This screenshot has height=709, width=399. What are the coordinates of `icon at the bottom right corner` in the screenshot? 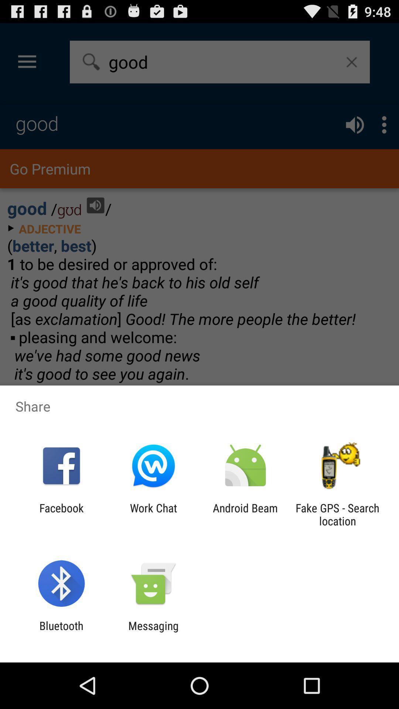 It's located at (337, 514).